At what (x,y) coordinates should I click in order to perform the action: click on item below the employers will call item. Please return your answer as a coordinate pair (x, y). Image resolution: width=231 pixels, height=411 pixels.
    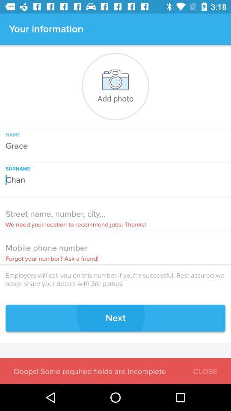
    Looking at the image, I should click on (115, 318).